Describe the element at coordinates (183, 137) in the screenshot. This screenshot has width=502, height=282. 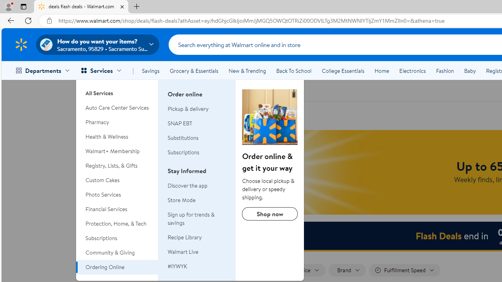
I see `'Substitutions'` at that location.